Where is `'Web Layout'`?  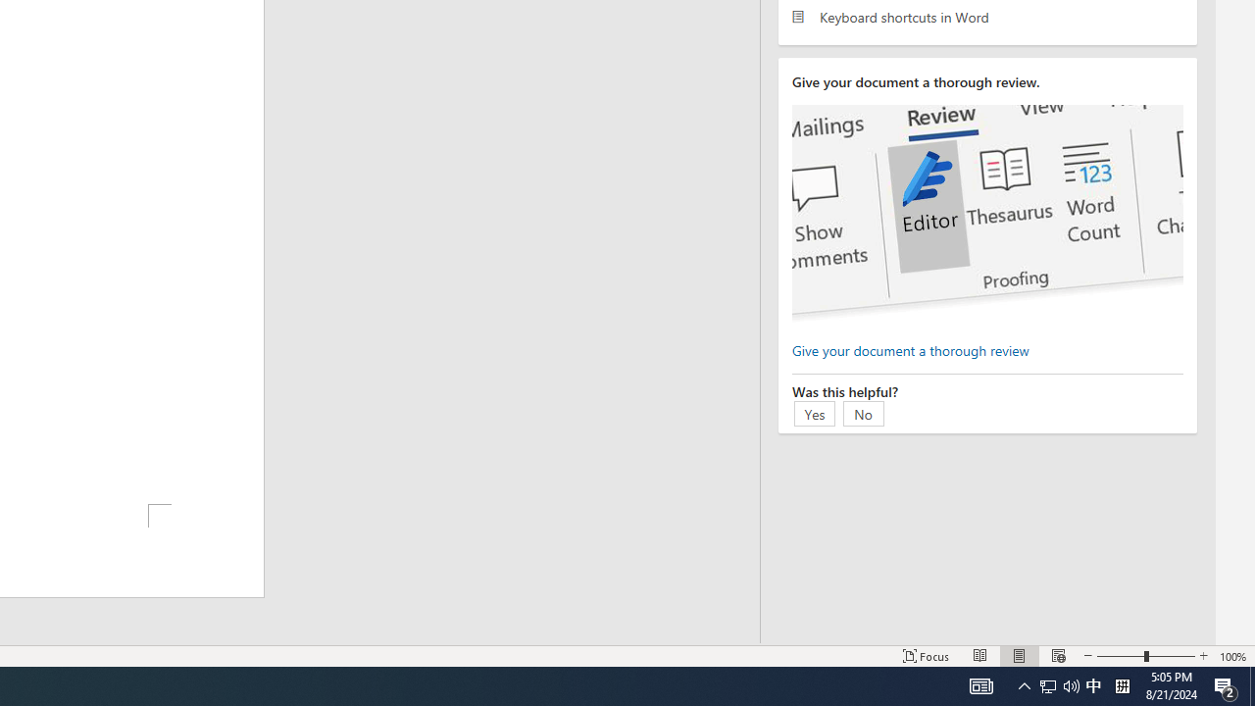 'Web Layout' is located at coordinates (1057, 656).